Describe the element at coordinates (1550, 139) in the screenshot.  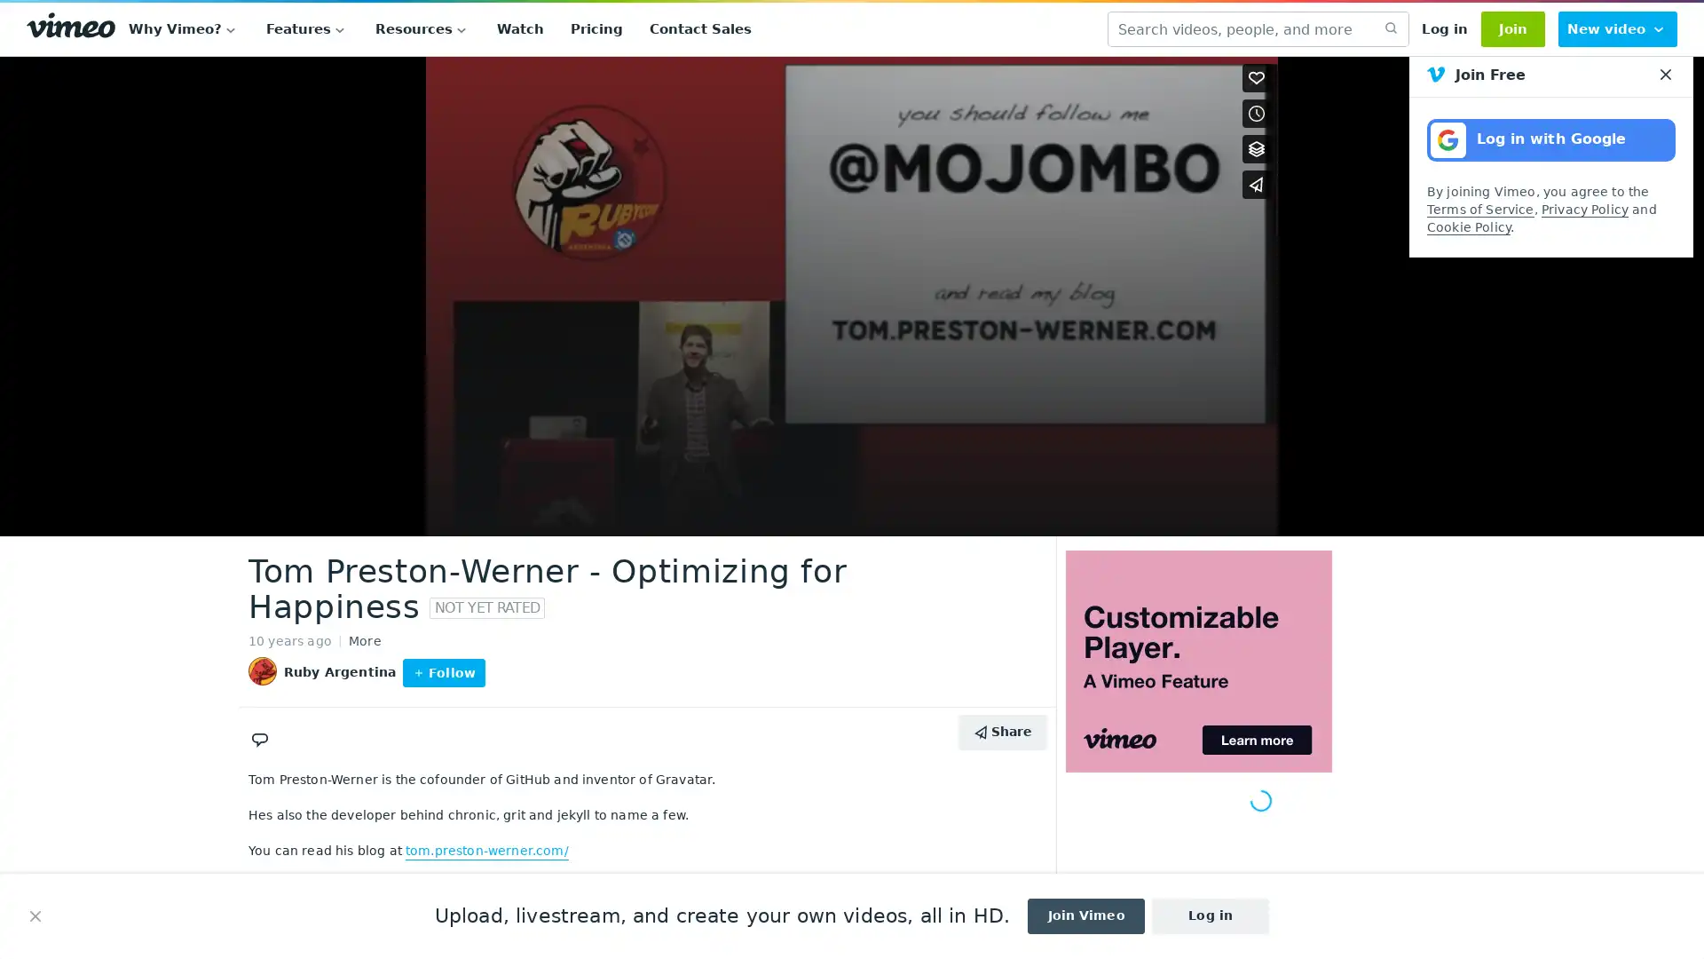
I see `Log in with Google` at that location.